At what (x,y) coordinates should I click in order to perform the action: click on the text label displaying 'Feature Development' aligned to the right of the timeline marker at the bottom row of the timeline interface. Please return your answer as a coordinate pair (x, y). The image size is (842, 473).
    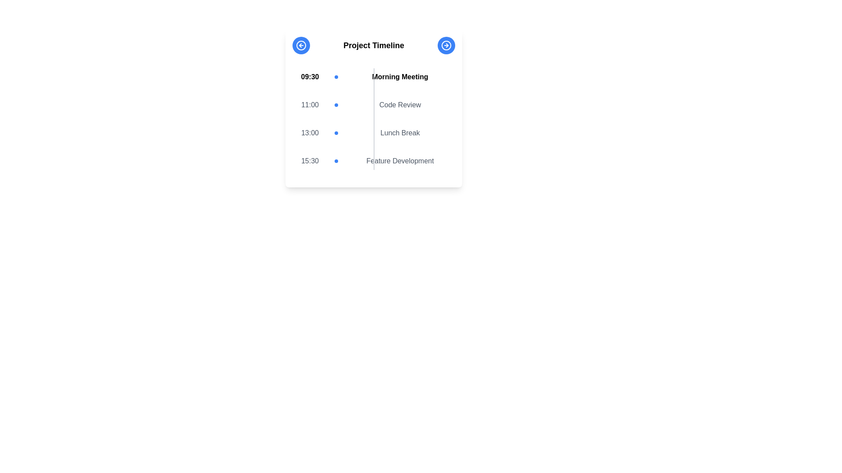
    Looking at the image, I should click on (400, 161).